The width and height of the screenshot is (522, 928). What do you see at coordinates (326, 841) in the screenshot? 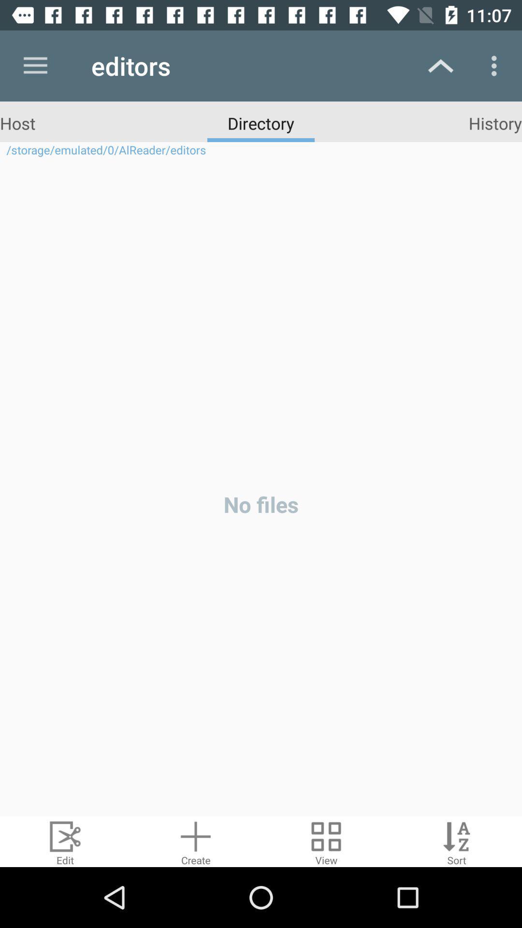
I see `type of visualization` at bounding box center [326, 841].